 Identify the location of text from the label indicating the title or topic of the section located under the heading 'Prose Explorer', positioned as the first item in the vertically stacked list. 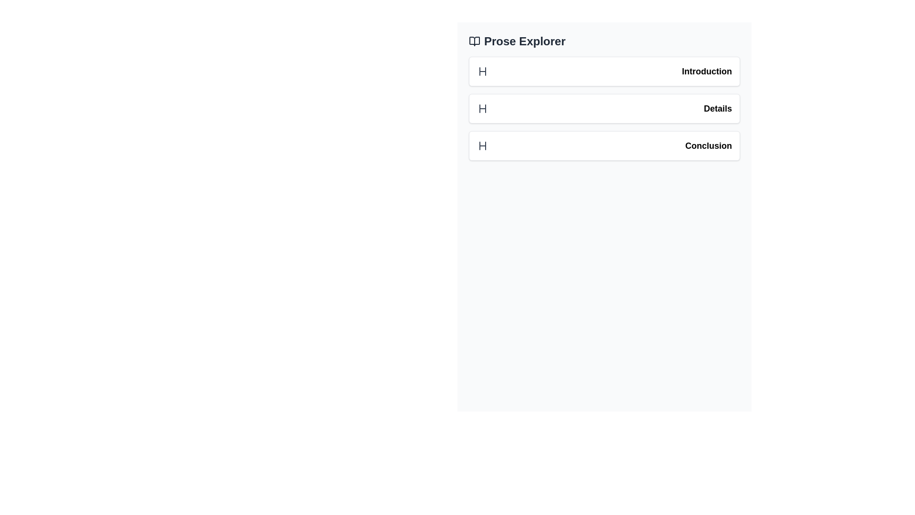
(707, 71).